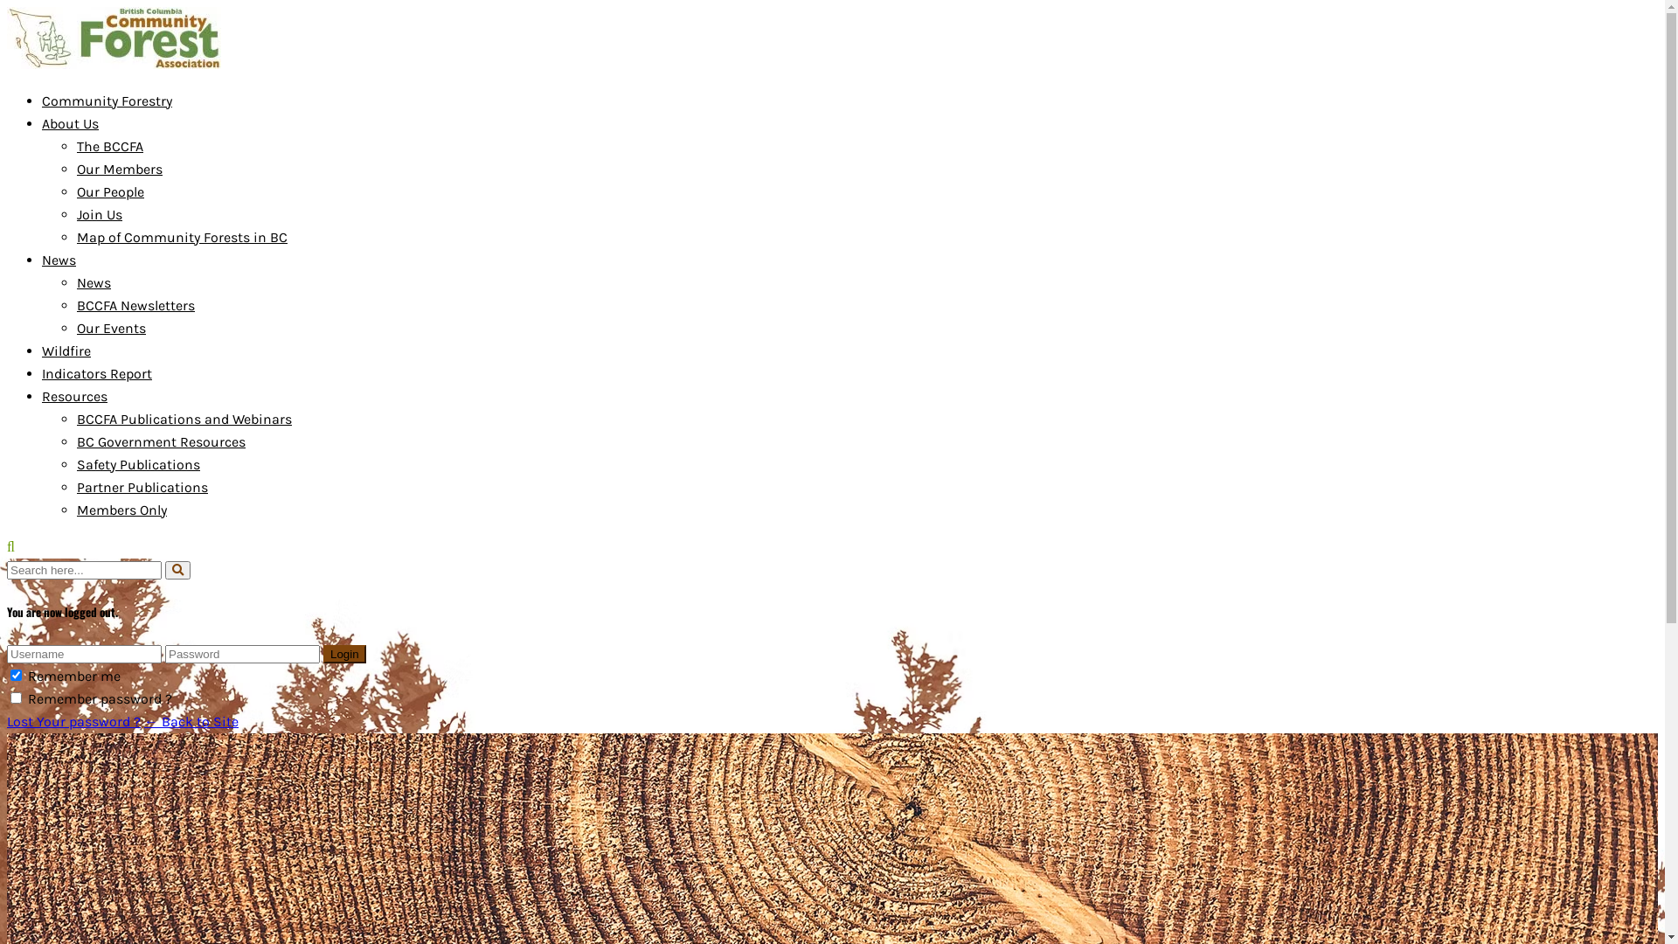 This screenshot has height=944, width=1678. Describe the element at coordinates (142, 487) in the screenshot. I see `'Partner Publications'` at that location.